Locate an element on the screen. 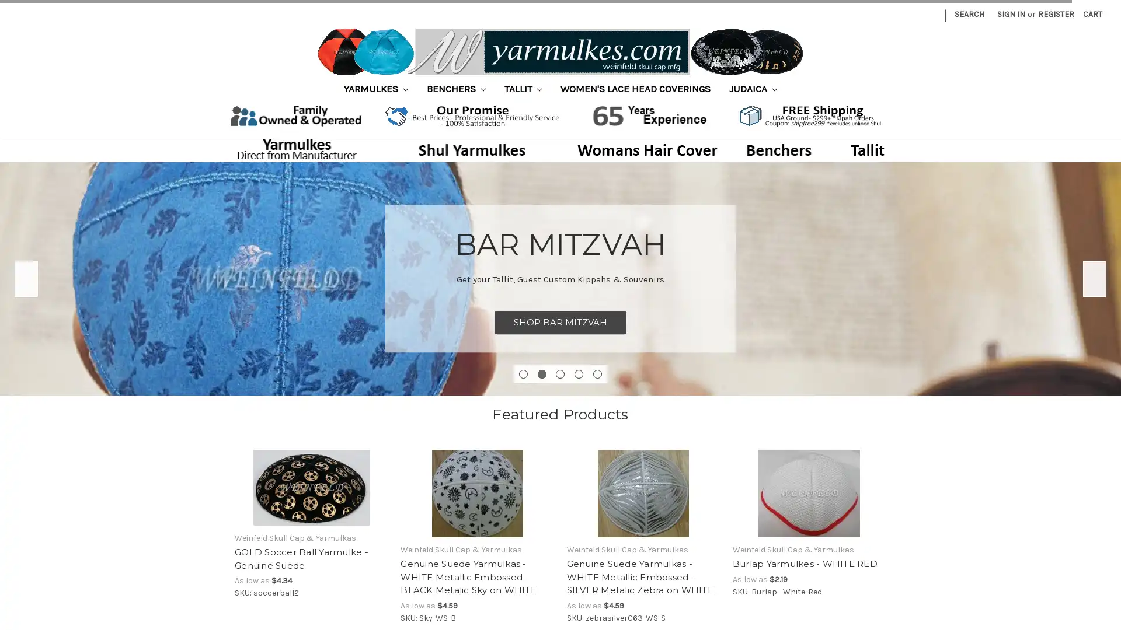 Image resolution: width=1121 pixels, height=630 pixels. previous is located at coordinates (26, 278).